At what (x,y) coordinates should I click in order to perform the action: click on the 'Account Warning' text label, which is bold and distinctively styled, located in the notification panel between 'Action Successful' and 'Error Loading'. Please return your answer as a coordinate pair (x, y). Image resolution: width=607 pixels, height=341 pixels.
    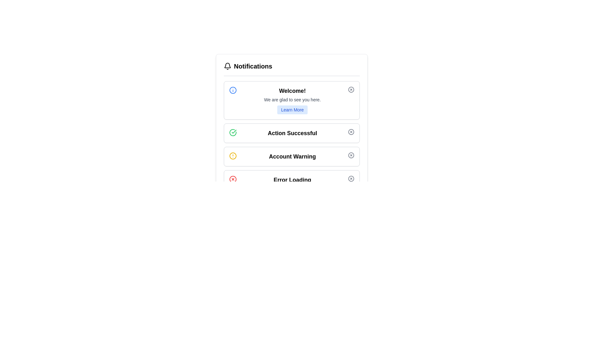
    Looking at the image, I should click on (292, 156).